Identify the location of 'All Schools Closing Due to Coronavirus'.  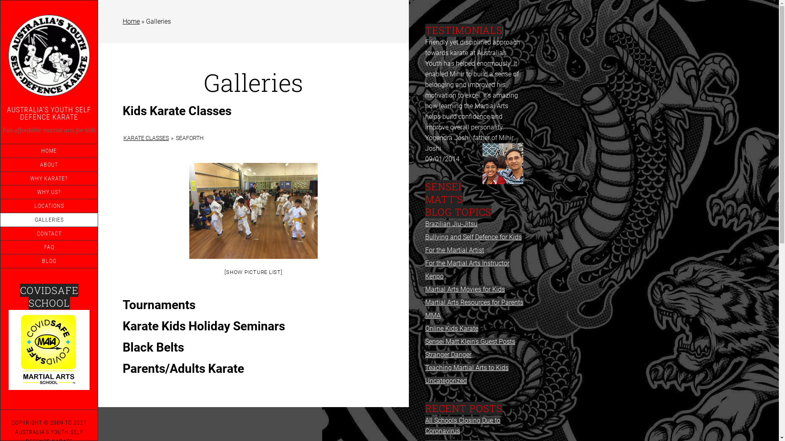
(463, 425).